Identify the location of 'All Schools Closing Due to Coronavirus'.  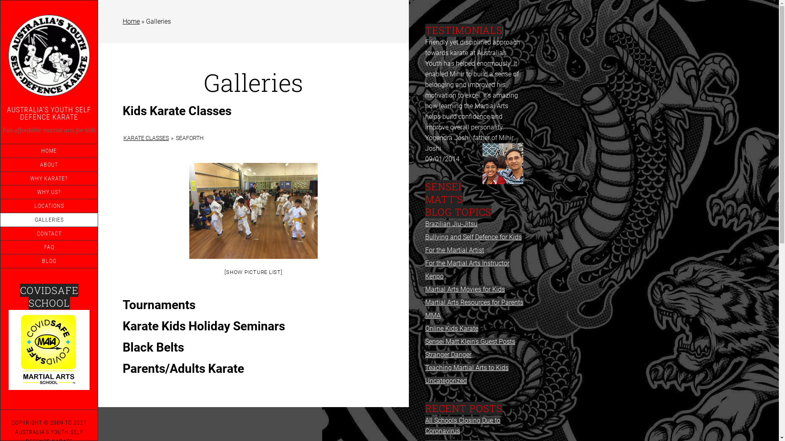
(463, 425).